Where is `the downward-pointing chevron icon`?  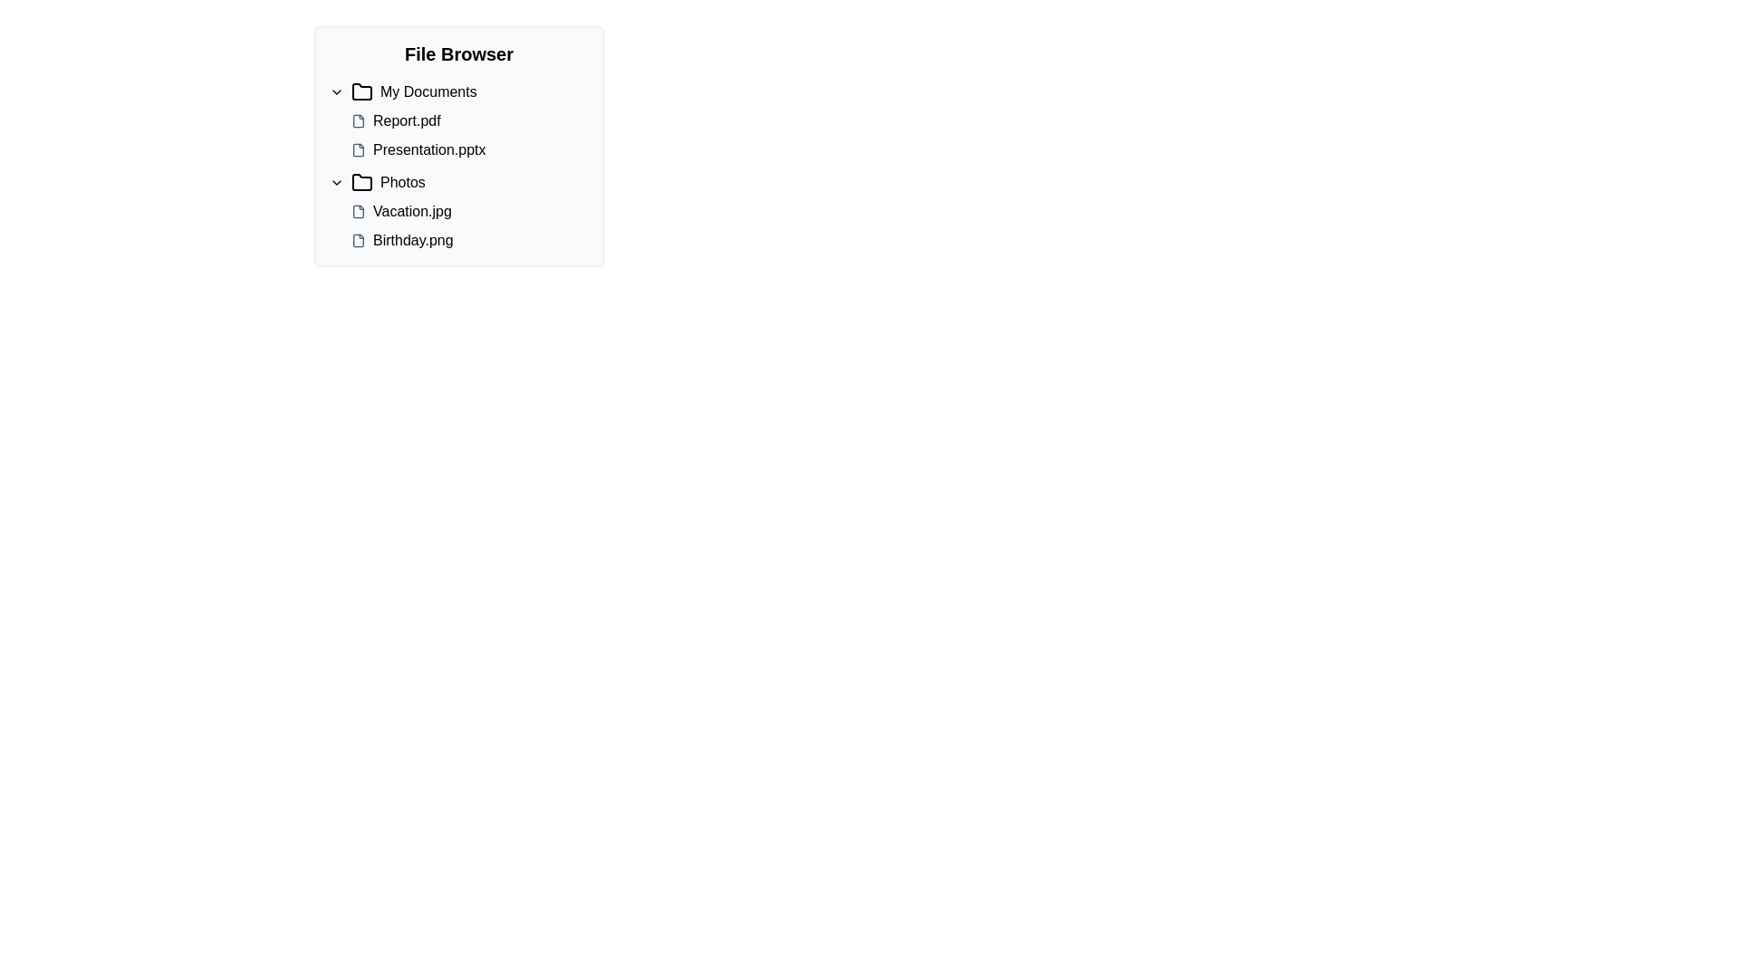
the downward-pointing chevron icon is located at coordinates (337, 182).